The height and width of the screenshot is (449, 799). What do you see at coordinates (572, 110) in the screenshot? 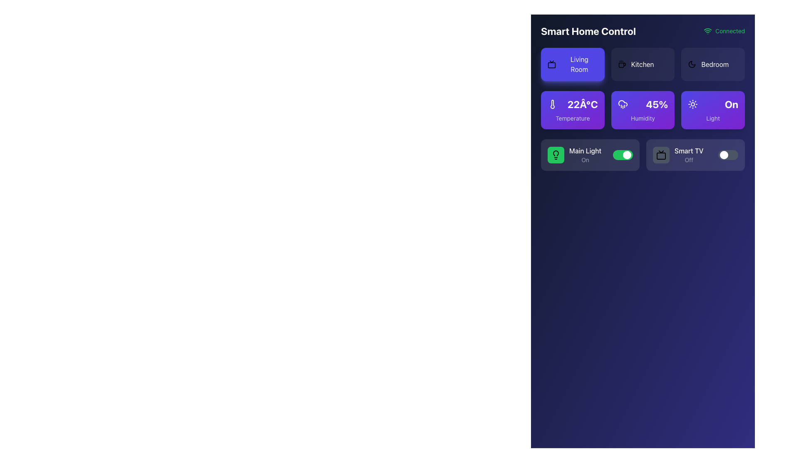
I see `the Information Card that displays '22°C' in large, bold, white text with a thermometer icon and a gradient background from indigo to purple` at bounding box center [572, 110].